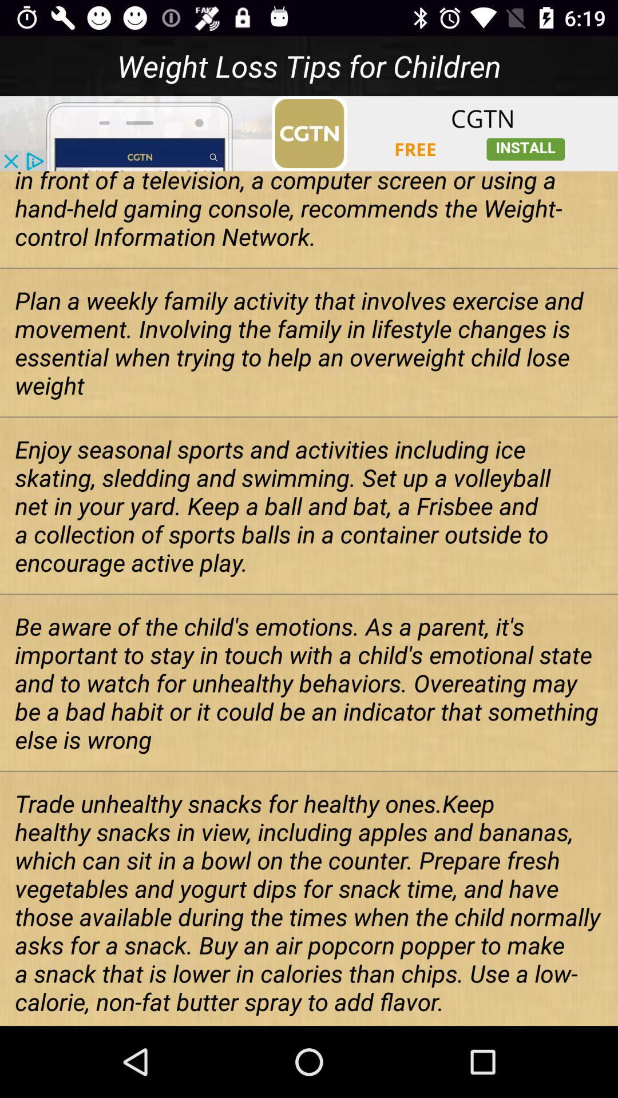 This screenshot has width=618, height=1098. What do you see at coordinates (309, 133) in the screenshot?
I see `connect to advertisement` at bounding box center [309, 133].